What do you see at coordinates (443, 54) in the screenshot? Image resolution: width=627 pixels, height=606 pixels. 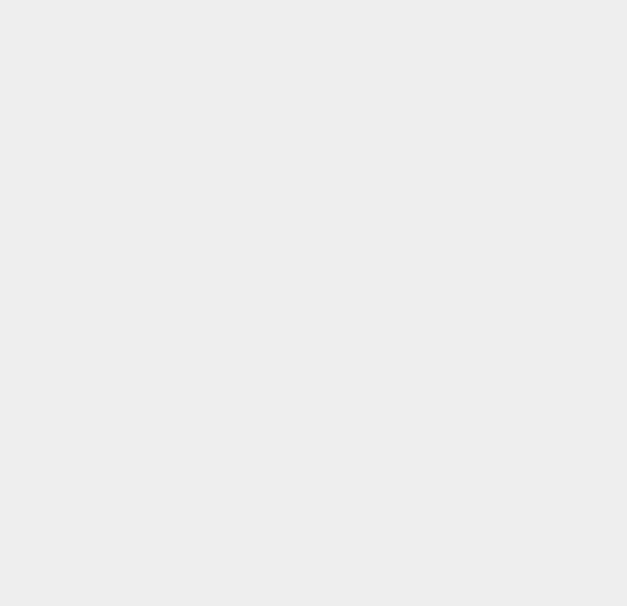 I see `'Rovio Mobile'` at bounding box center [443, 54].